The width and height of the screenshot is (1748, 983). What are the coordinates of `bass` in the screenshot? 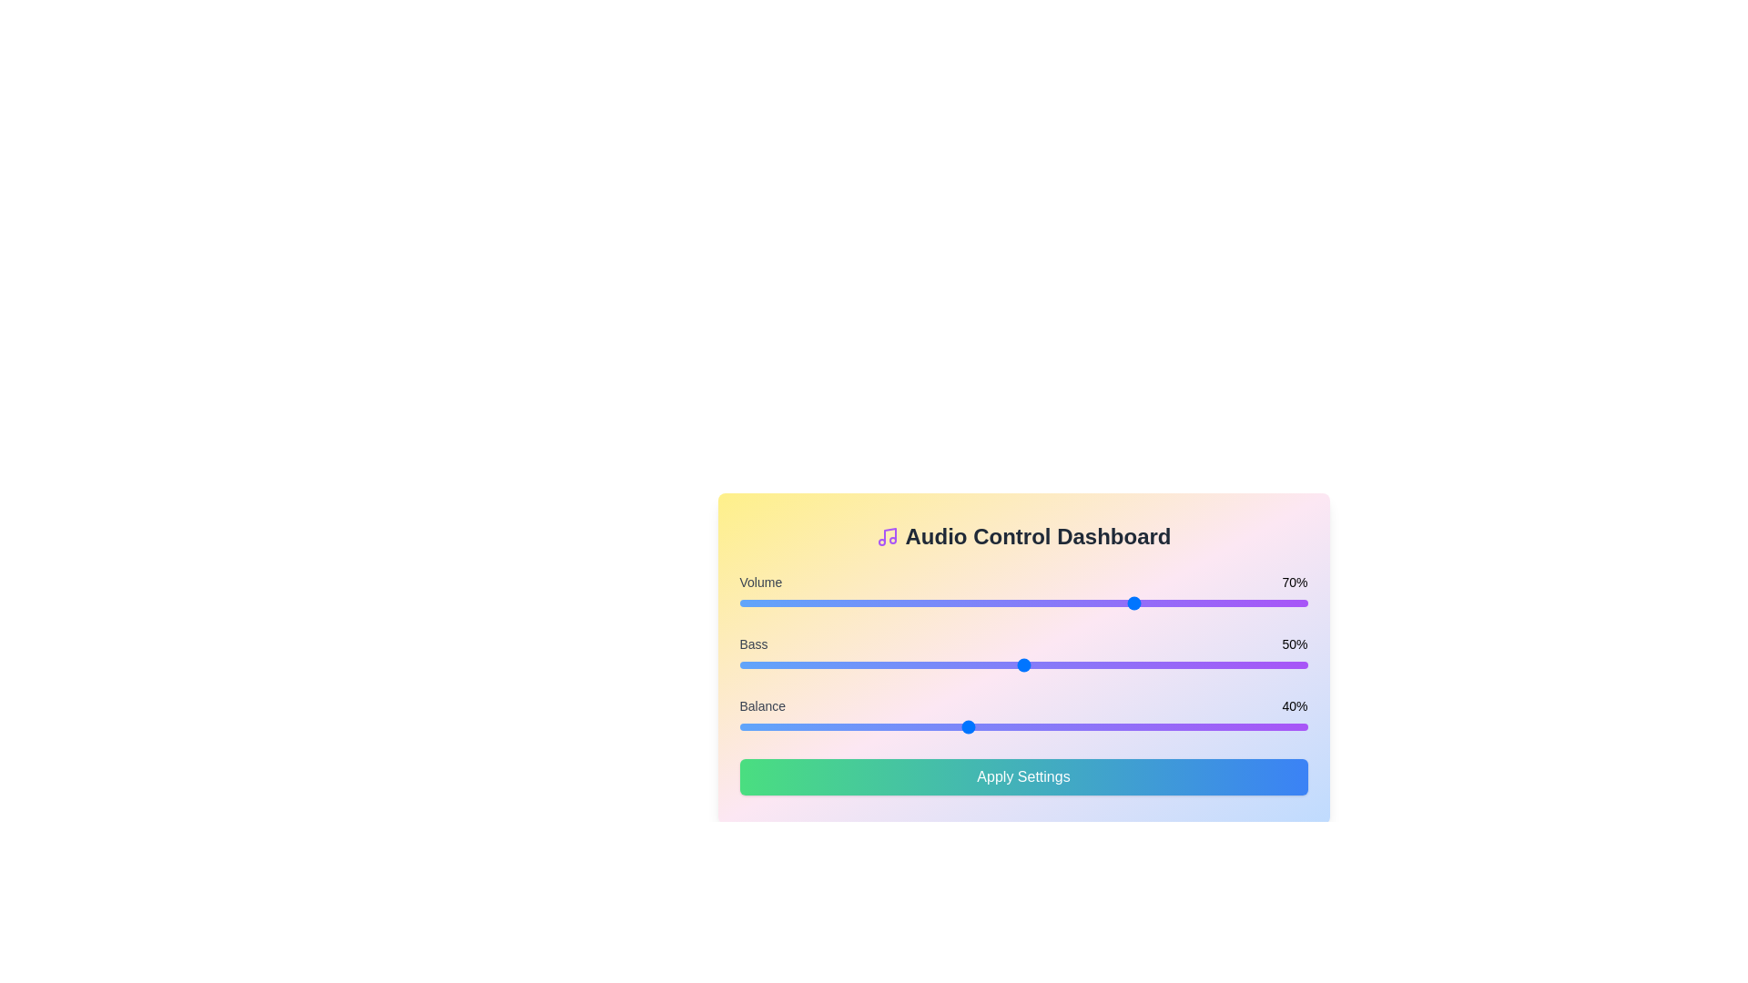 It's located at (1199, 665).